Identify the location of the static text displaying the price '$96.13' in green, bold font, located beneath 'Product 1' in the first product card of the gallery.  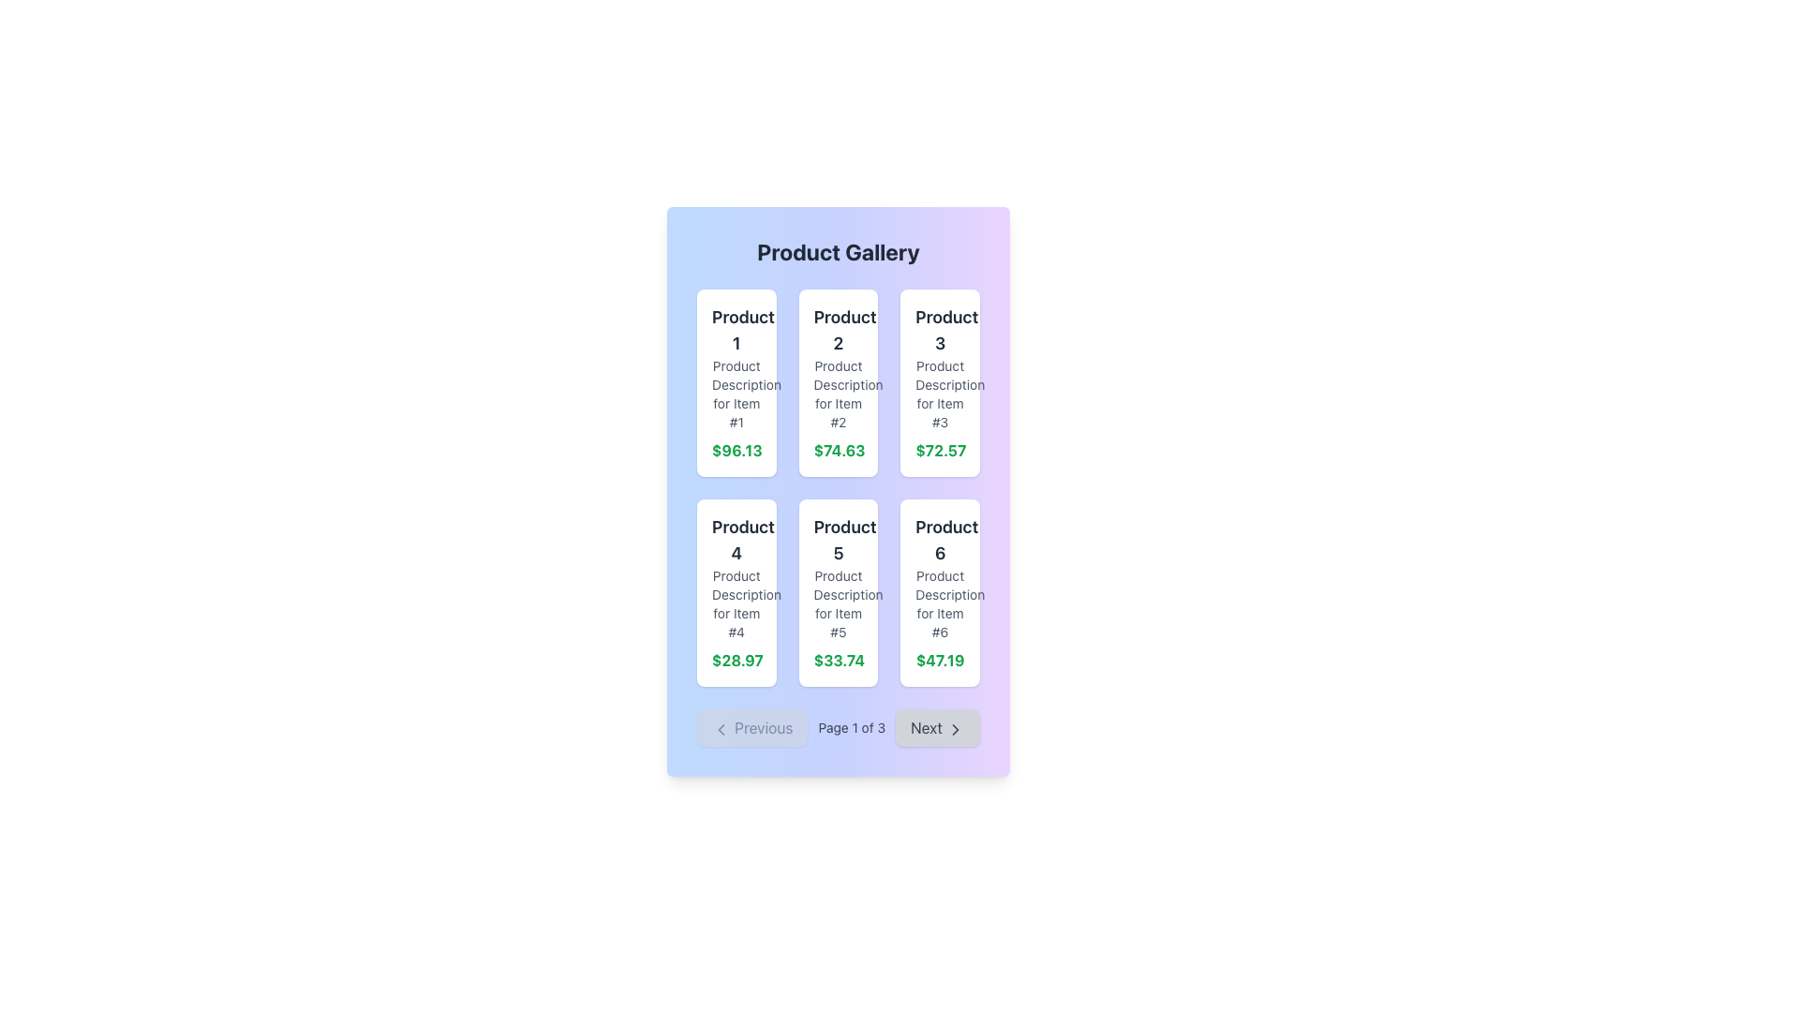
(736, 451).